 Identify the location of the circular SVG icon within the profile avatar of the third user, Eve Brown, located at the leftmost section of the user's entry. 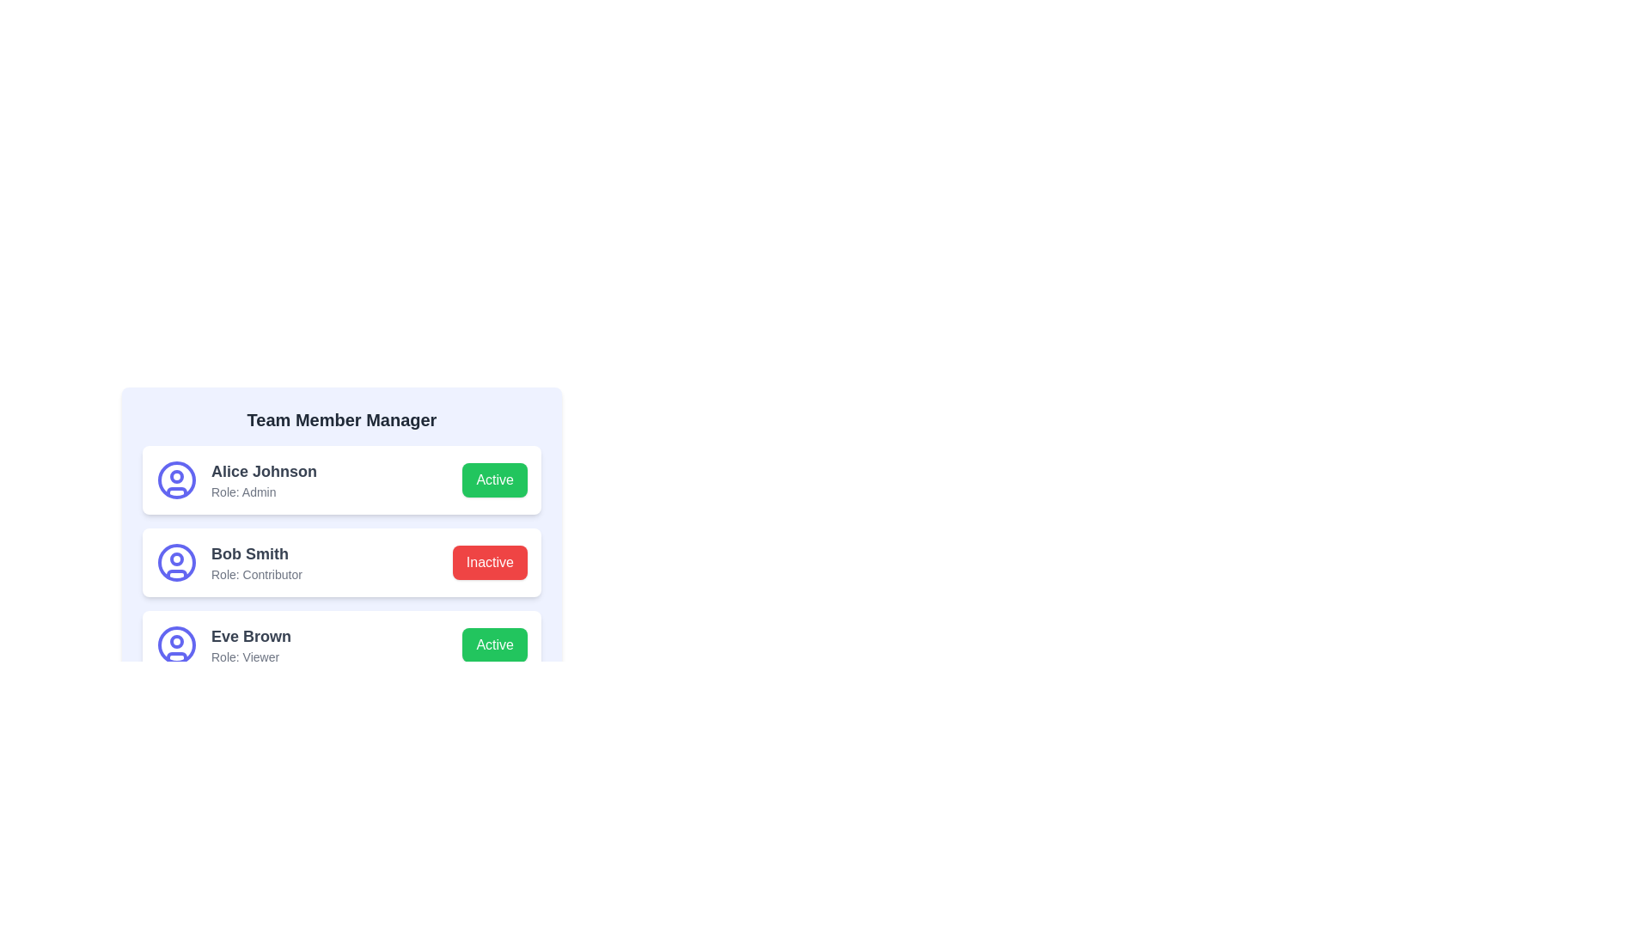
(177, 645).